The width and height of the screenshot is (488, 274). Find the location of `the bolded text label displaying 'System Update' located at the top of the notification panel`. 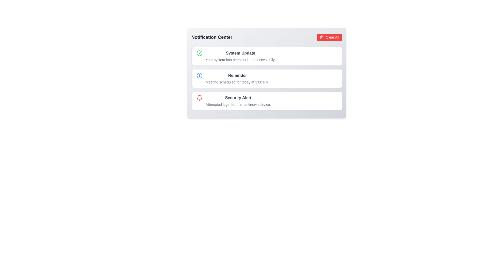

the bolded text label displaying 'System Update' located at the top of the notification panel is located at coordinates (240, 53).